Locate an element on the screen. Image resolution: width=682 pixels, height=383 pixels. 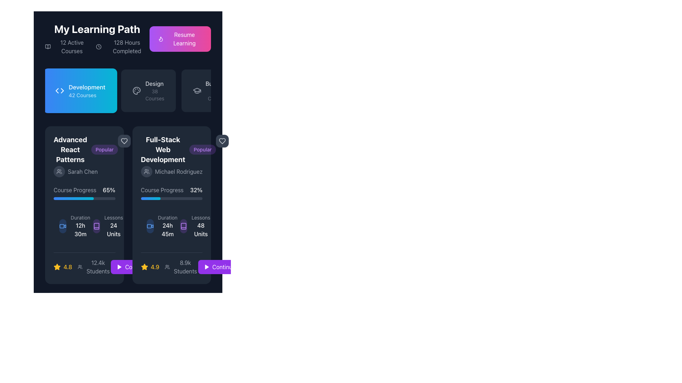
the central circle of the clock icon, which is located to the right of the text '12 Active Courses' in the header section of the interface is located at coordinates (98, 46).